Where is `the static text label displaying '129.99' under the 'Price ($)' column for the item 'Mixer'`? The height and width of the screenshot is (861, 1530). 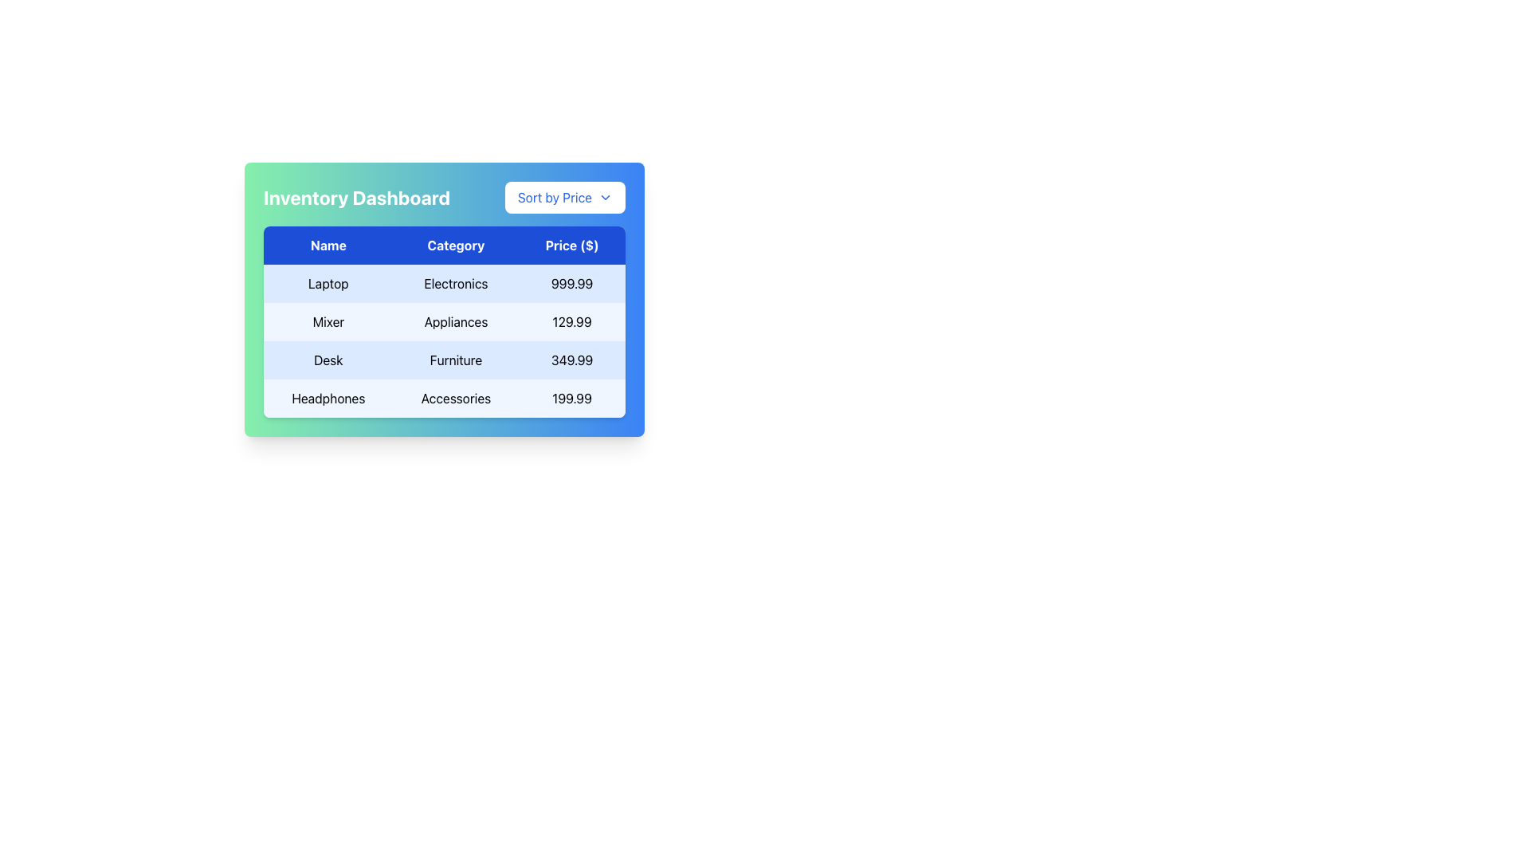 the static text label displaying '129.99' under the 'Price ($)' column for the item 'Mixer' is located at coordinates (572, 322).